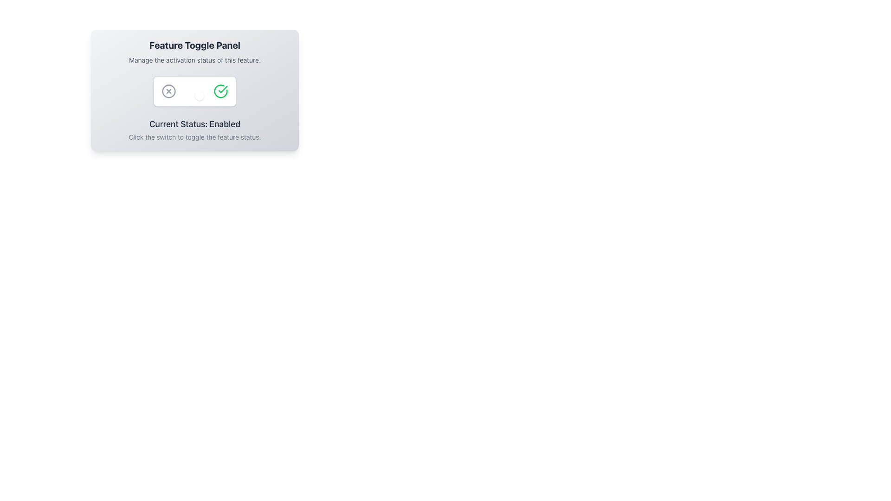 Image resolution: width=891 pixels, height=501 pixels. What do you see at coordinates (194, 60) in the screenshot?
I see `static text element that provides instructions about the toggle switch below it in the 'Feature Toggle Panel'` at bounding box center [194, 60].